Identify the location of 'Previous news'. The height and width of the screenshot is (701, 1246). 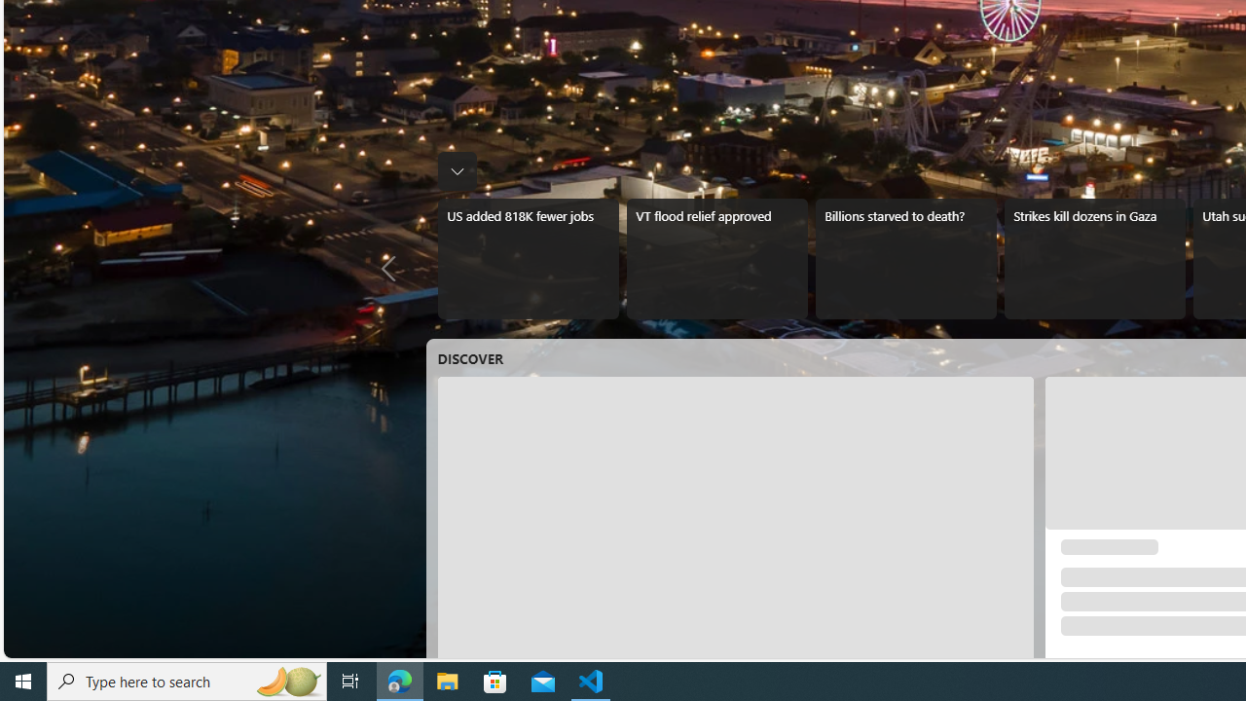
(392, 269).